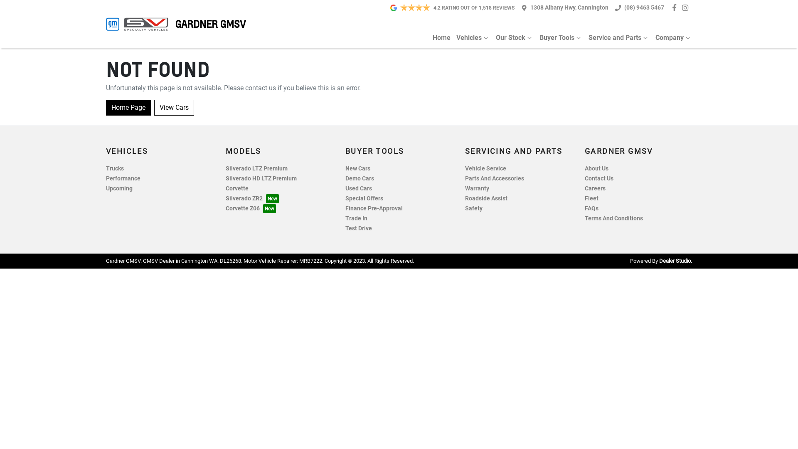 The image size is (798, 449). Describe the element at coordinates (594, 188) in the screenshot. I see `'Careers'` at that location.